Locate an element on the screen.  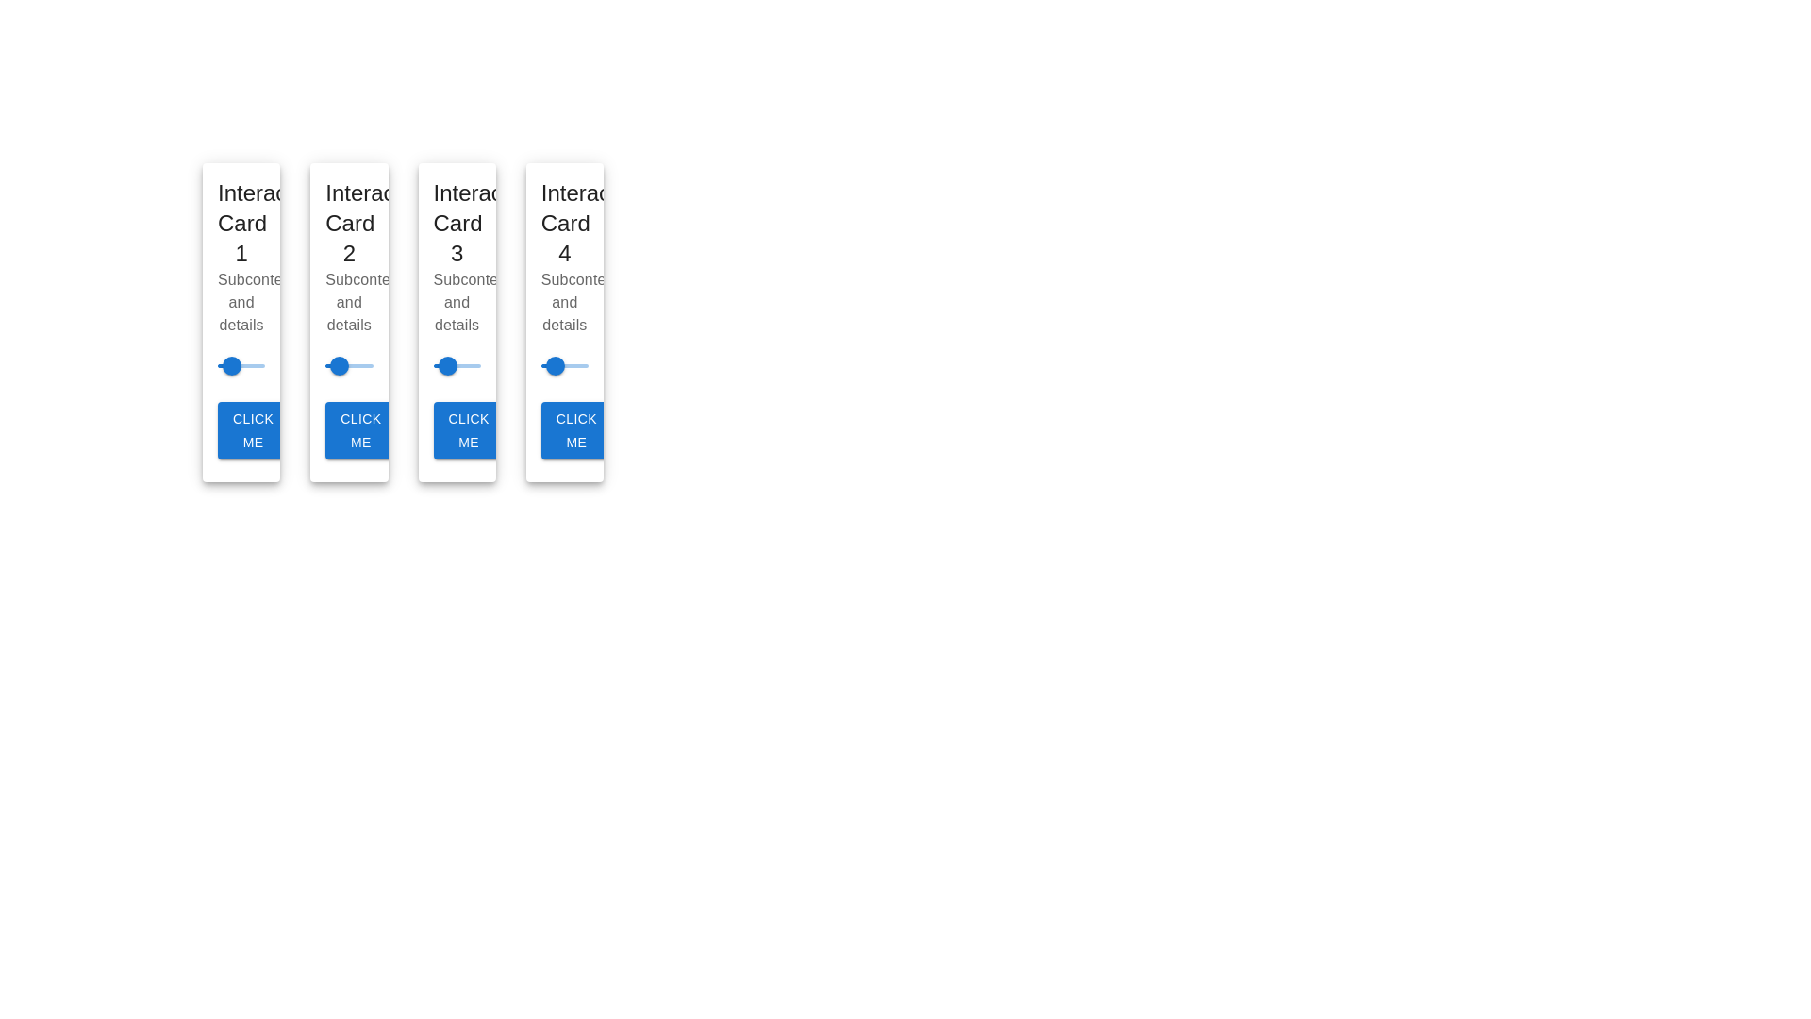
the slider value is located at coordinates (445, 366).